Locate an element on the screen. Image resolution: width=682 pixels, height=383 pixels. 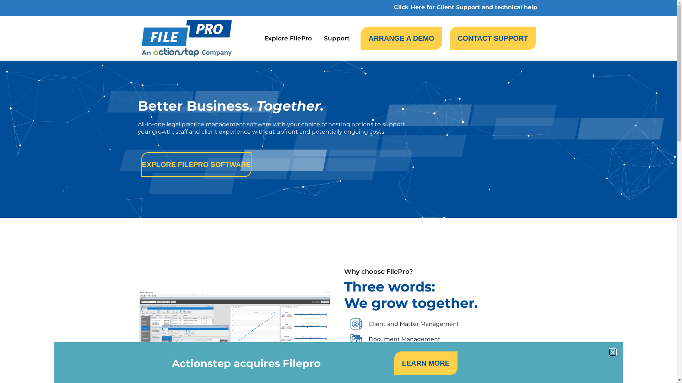
'ARRANGE A DEMO' is located at coordinates (360, 38).